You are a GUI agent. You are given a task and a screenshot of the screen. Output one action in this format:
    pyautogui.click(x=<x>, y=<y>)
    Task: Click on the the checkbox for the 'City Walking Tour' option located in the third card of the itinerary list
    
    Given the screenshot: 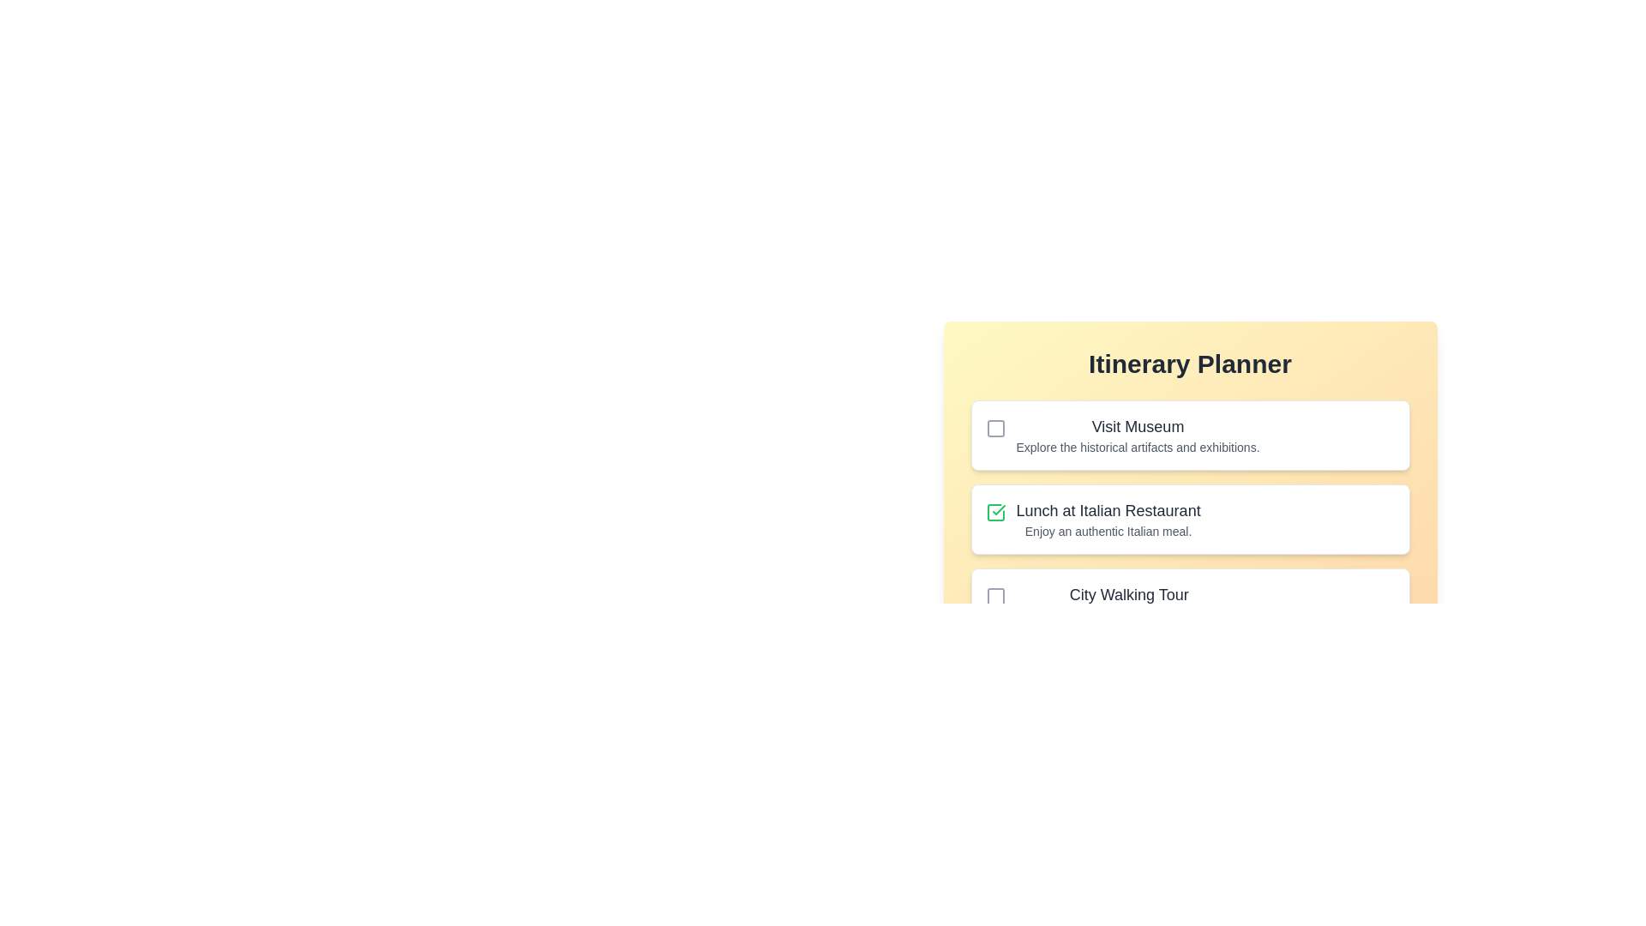 What is the action you would take?
    pyautogui.click(x=995, y=595)
    